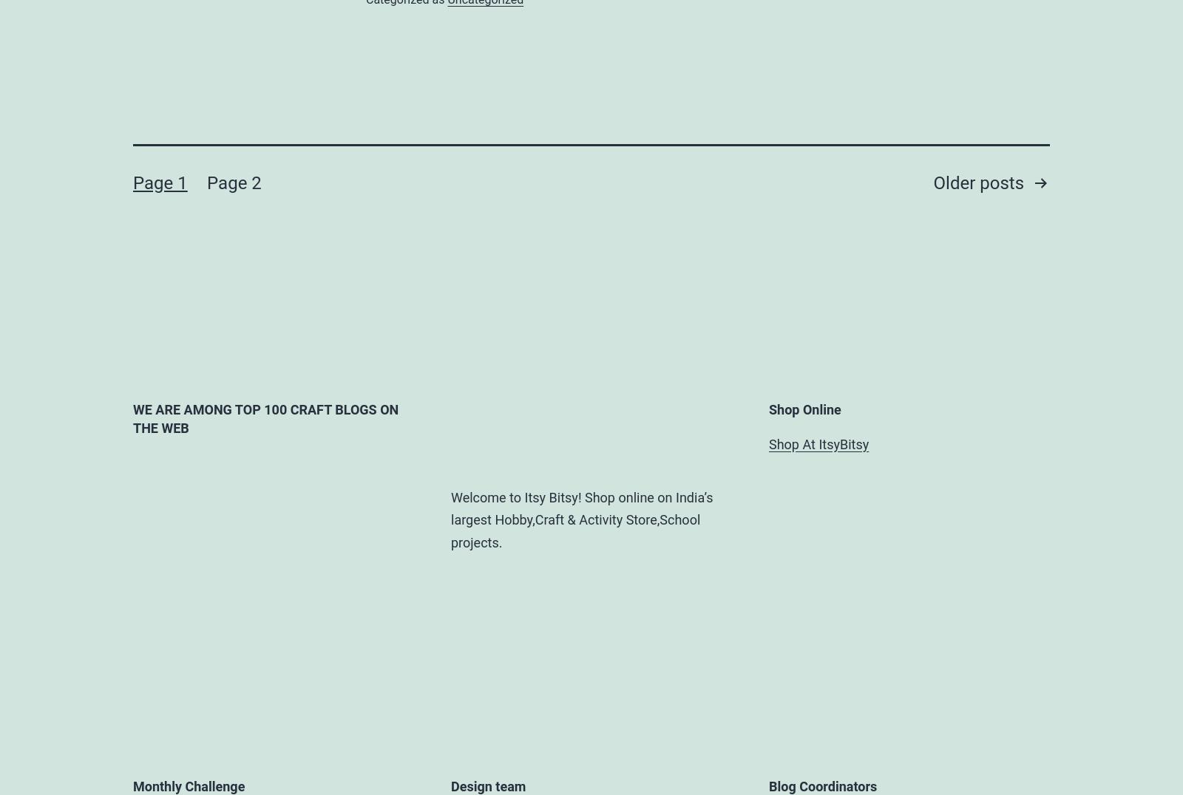 The height and width of the screenshot is (795, 1183). Describe the element at coordinates (804, 408) in the screenshot. I see `'Shop Online'` at that location.